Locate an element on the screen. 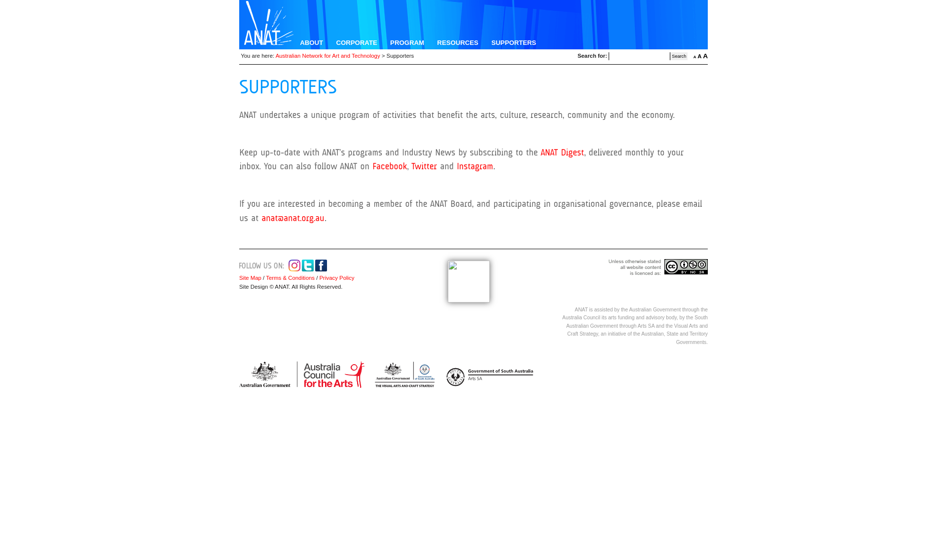 The height and width of the screenshot is (533, 947). 'A' is located at coordinates (693, 57).